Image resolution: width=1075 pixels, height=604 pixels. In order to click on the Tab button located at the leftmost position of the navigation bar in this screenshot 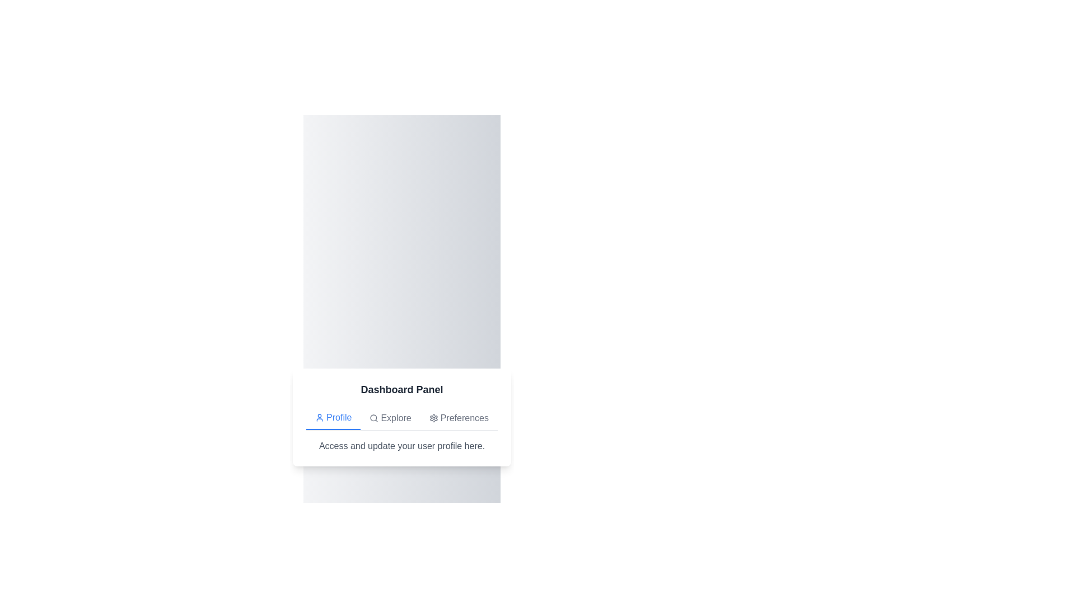, I will do `click(333, 418)`.